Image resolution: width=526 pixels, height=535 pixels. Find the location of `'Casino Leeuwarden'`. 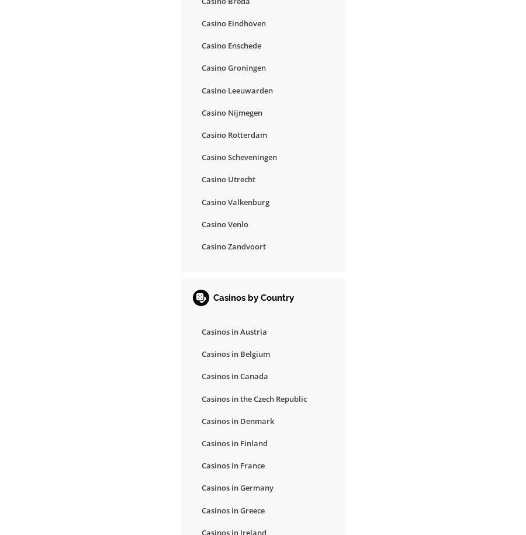

'Casino Leeuwarden' is located at coordinates (237, 89).